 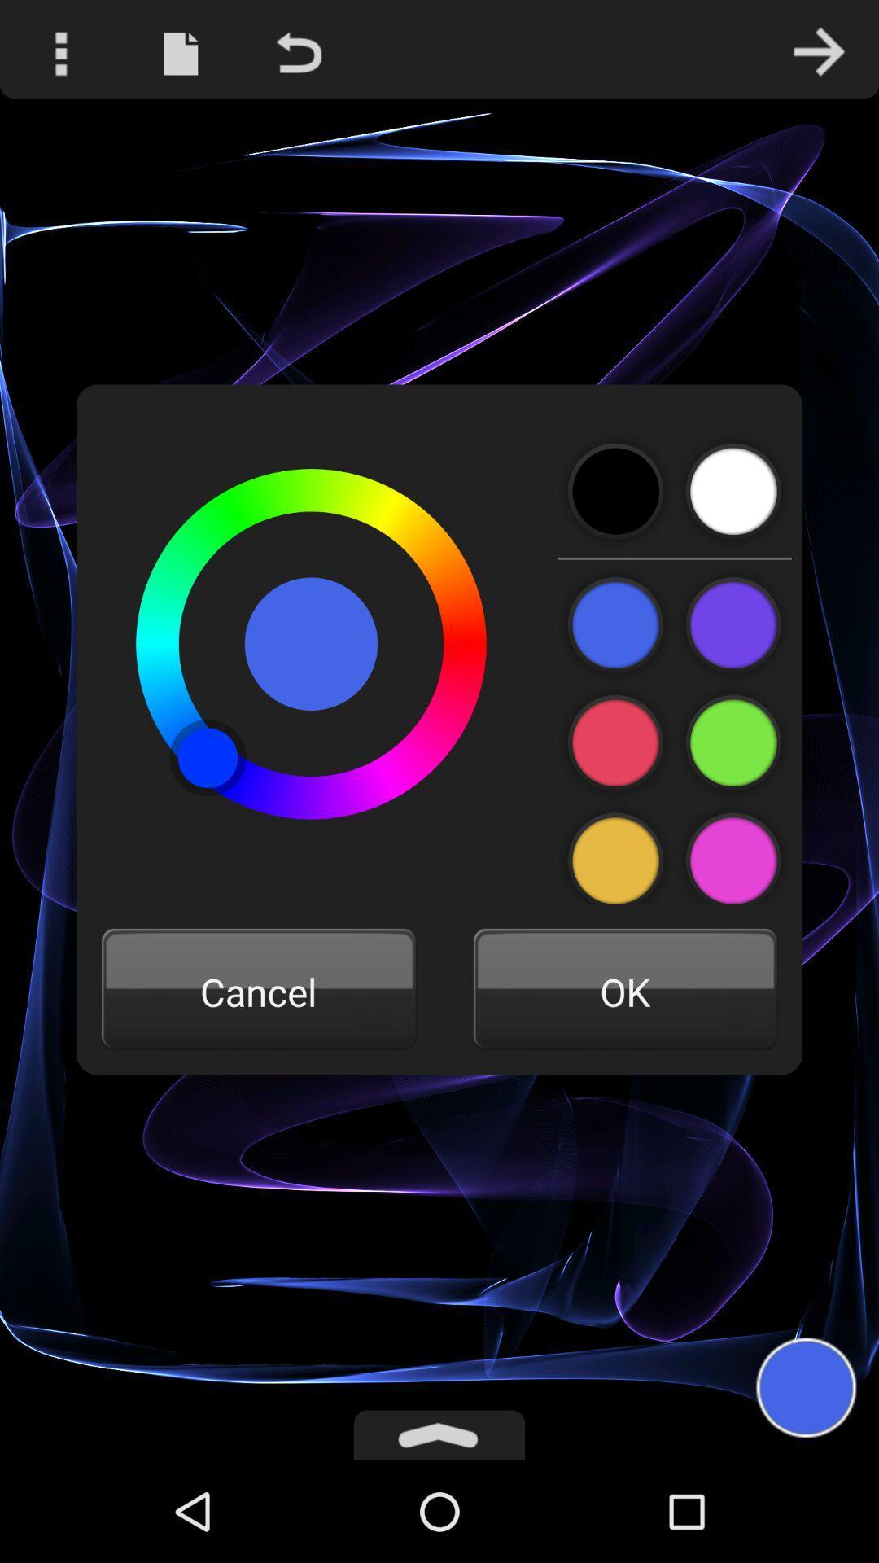 What do you see at coordinates (616, 624) in the screenshot?
I see `color` at bounding box center [616, 624].